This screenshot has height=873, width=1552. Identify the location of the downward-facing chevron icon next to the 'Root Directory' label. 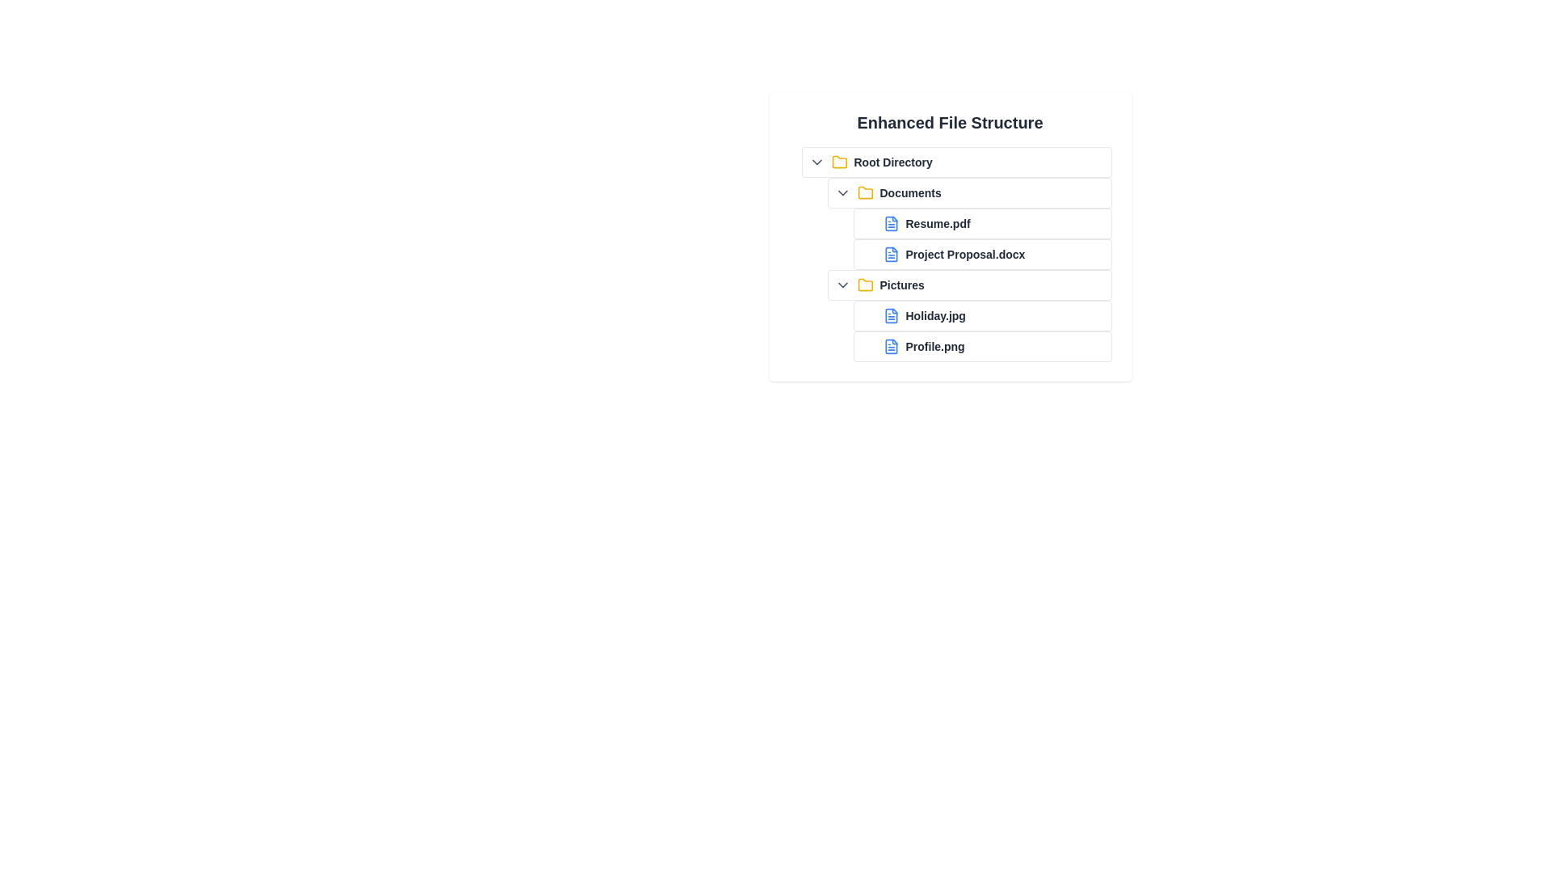
(816, 162).